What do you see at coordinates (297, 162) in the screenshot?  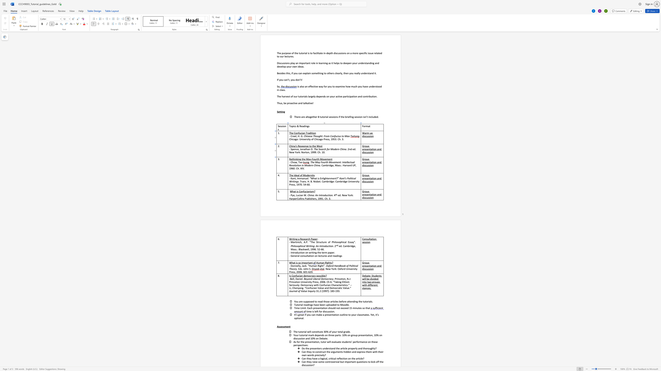 I see `the 1th character "," in the text` at bounding box center [297, 162].